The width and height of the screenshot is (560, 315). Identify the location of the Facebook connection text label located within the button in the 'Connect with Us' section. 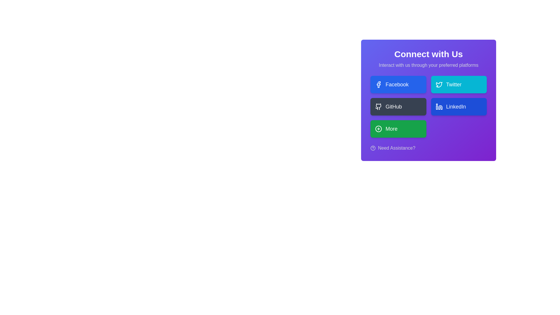
(397, 84).